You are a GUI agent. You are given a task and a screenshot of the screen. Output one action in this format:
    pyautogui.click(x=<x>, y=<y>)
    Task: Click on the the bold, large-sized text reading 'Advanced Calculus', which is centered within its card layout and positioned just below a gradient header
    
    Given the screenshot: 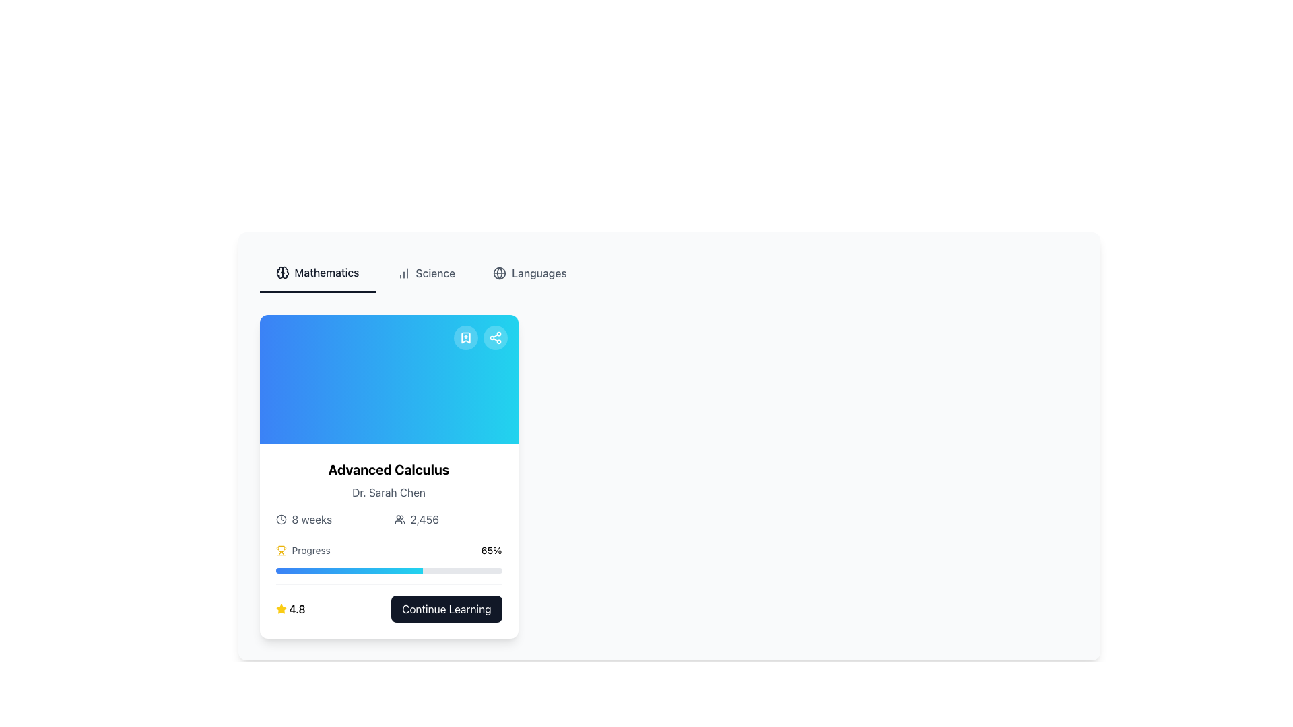 What is the action you would take?
    pyautogui.click(x=388, y=469)
    